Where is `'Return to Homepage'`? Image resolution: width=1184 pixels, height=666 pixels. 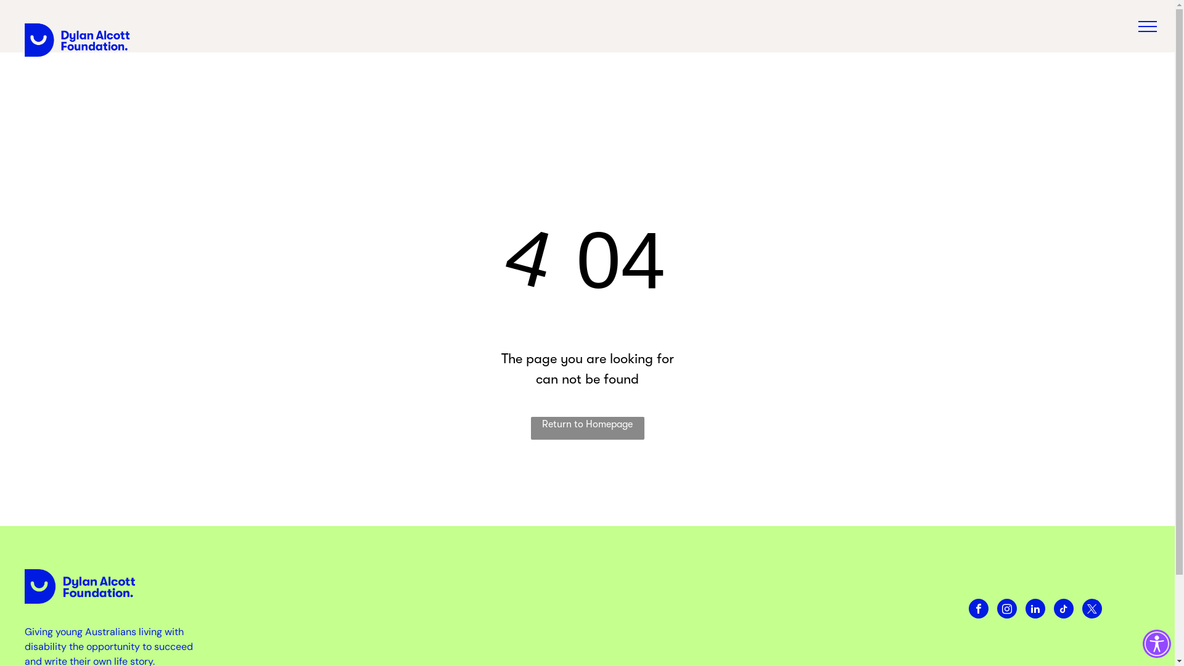 'Return to Homepage' is located at coordinates (586, 427).